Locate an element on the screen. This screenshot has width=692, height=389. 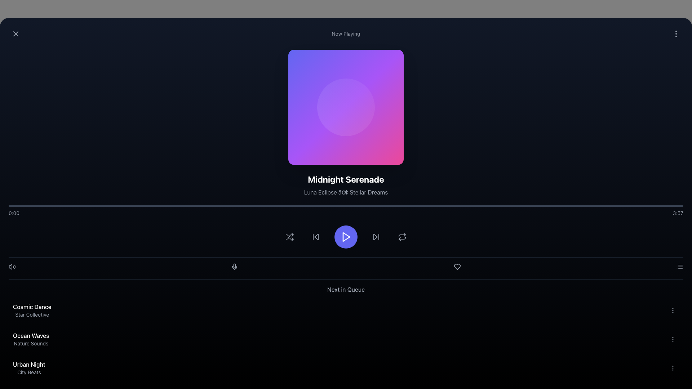
the playback progress is located at coordinates (514, 206).